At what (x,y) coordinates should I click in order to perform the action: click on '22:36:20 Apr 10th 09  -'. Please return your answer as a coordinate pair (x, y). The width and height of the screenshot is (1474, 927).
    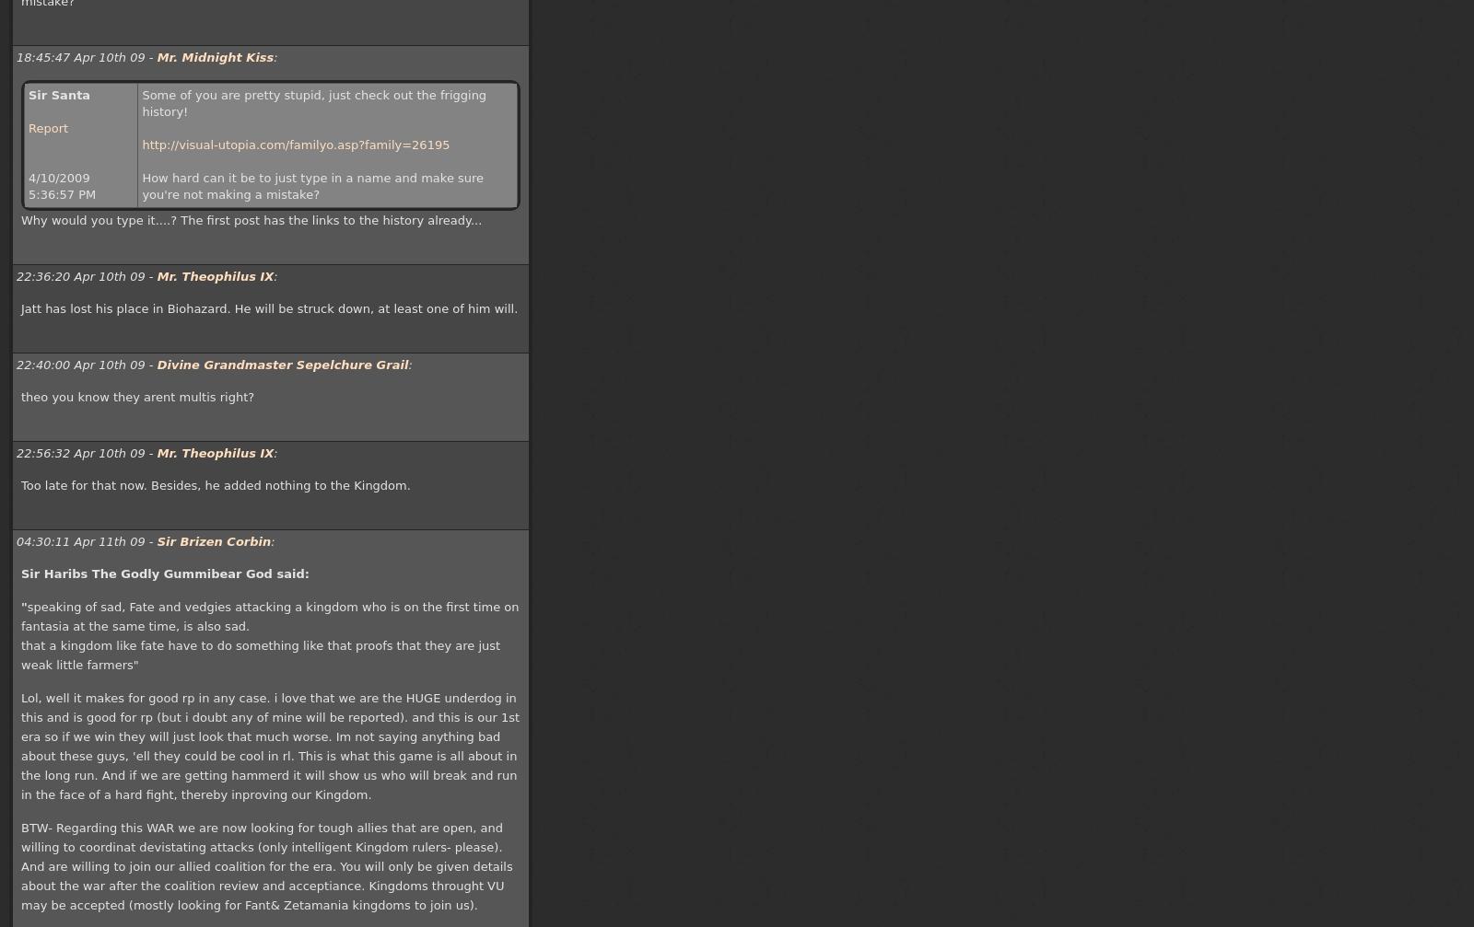
    Looking at the image, I should click on (85, 276).